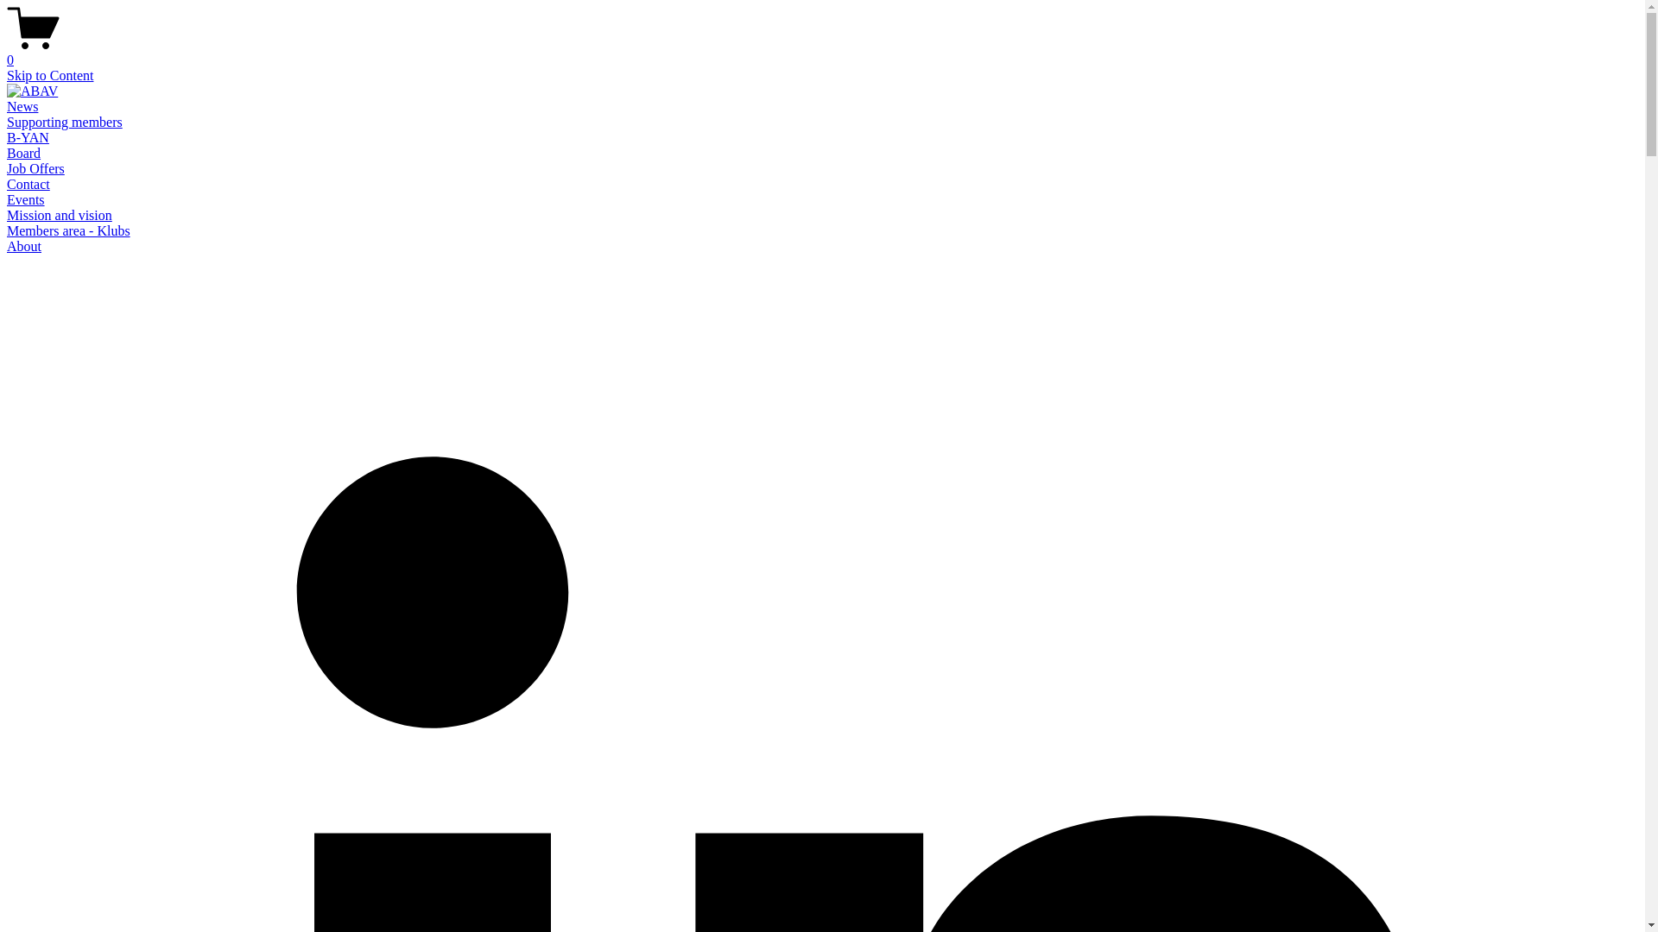 The height and width of the screenshot is (932, 1658). Describe the element at coordinates (25, 198) in the screenshot. I see `'Events'` at that location.